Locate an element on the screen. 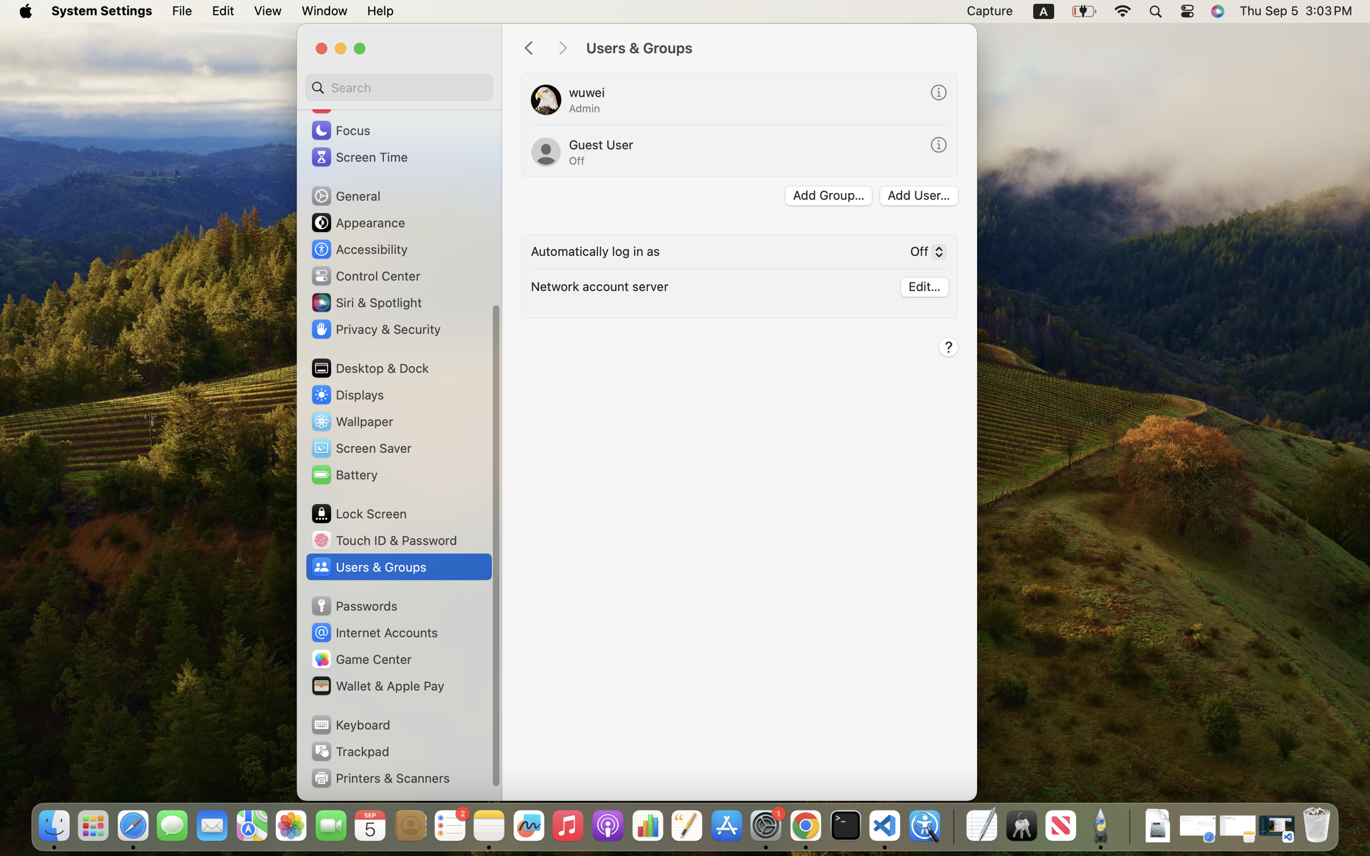 The image size is (1370, 856). 'Siri & Spotlight' is located at coordinates (365, 301).